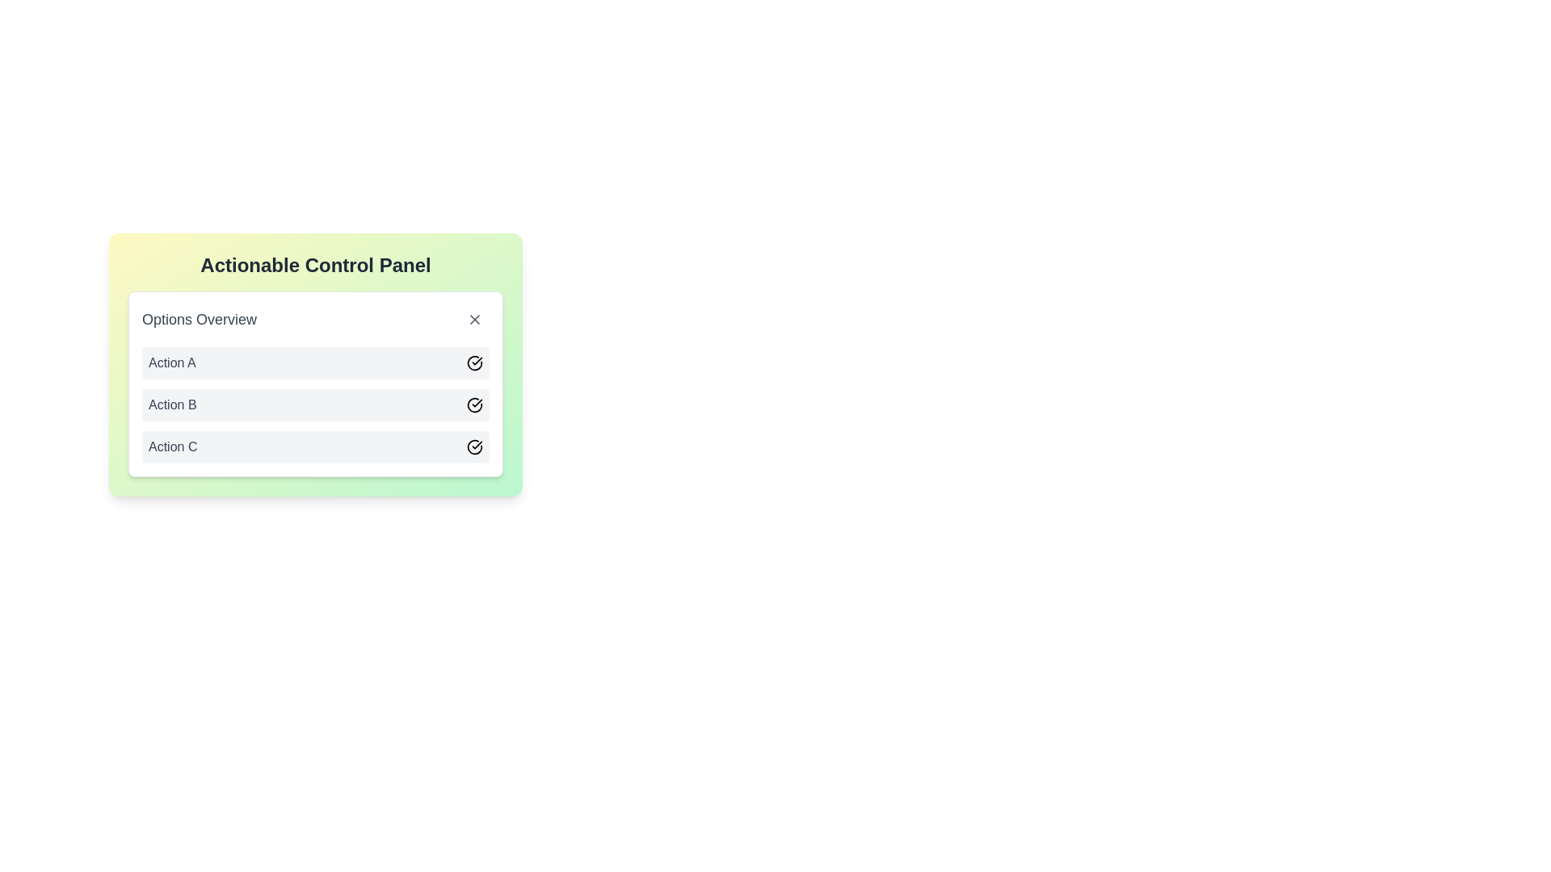 This screenshot has width=1551, height=872. I want to click on the list item labeled 'Action B' in the 'Options Overview' section, so click(315, 404).